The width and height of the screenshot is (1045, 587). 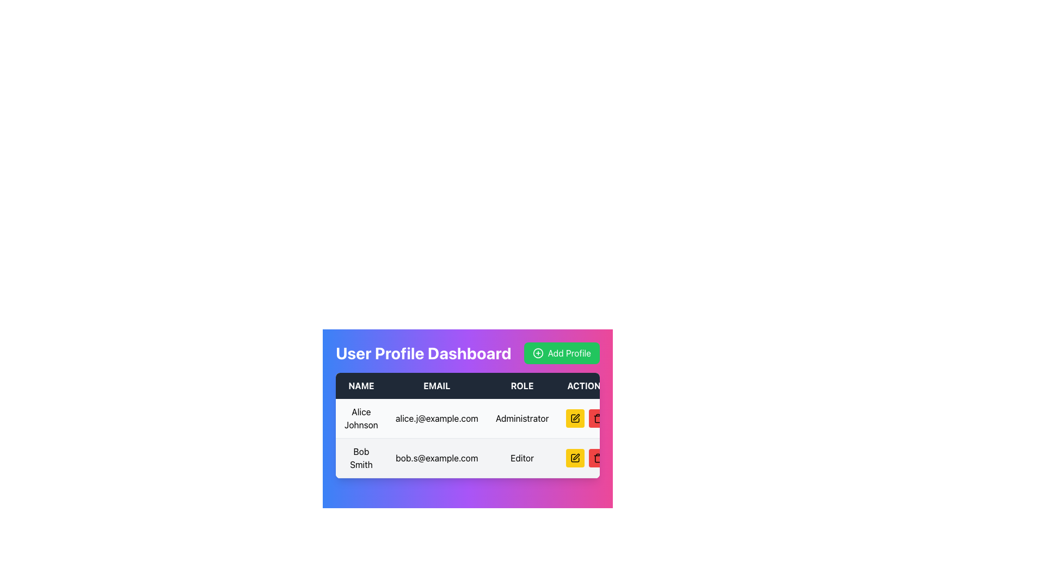 What do you see at coordinates (575, 418) in the screenshot?
I see `the icon button located on the rightmost edge of the user list table beneath the 'ACTION' column header for the row associated with 'Bob Smith'` at bounding box center [575, 418].